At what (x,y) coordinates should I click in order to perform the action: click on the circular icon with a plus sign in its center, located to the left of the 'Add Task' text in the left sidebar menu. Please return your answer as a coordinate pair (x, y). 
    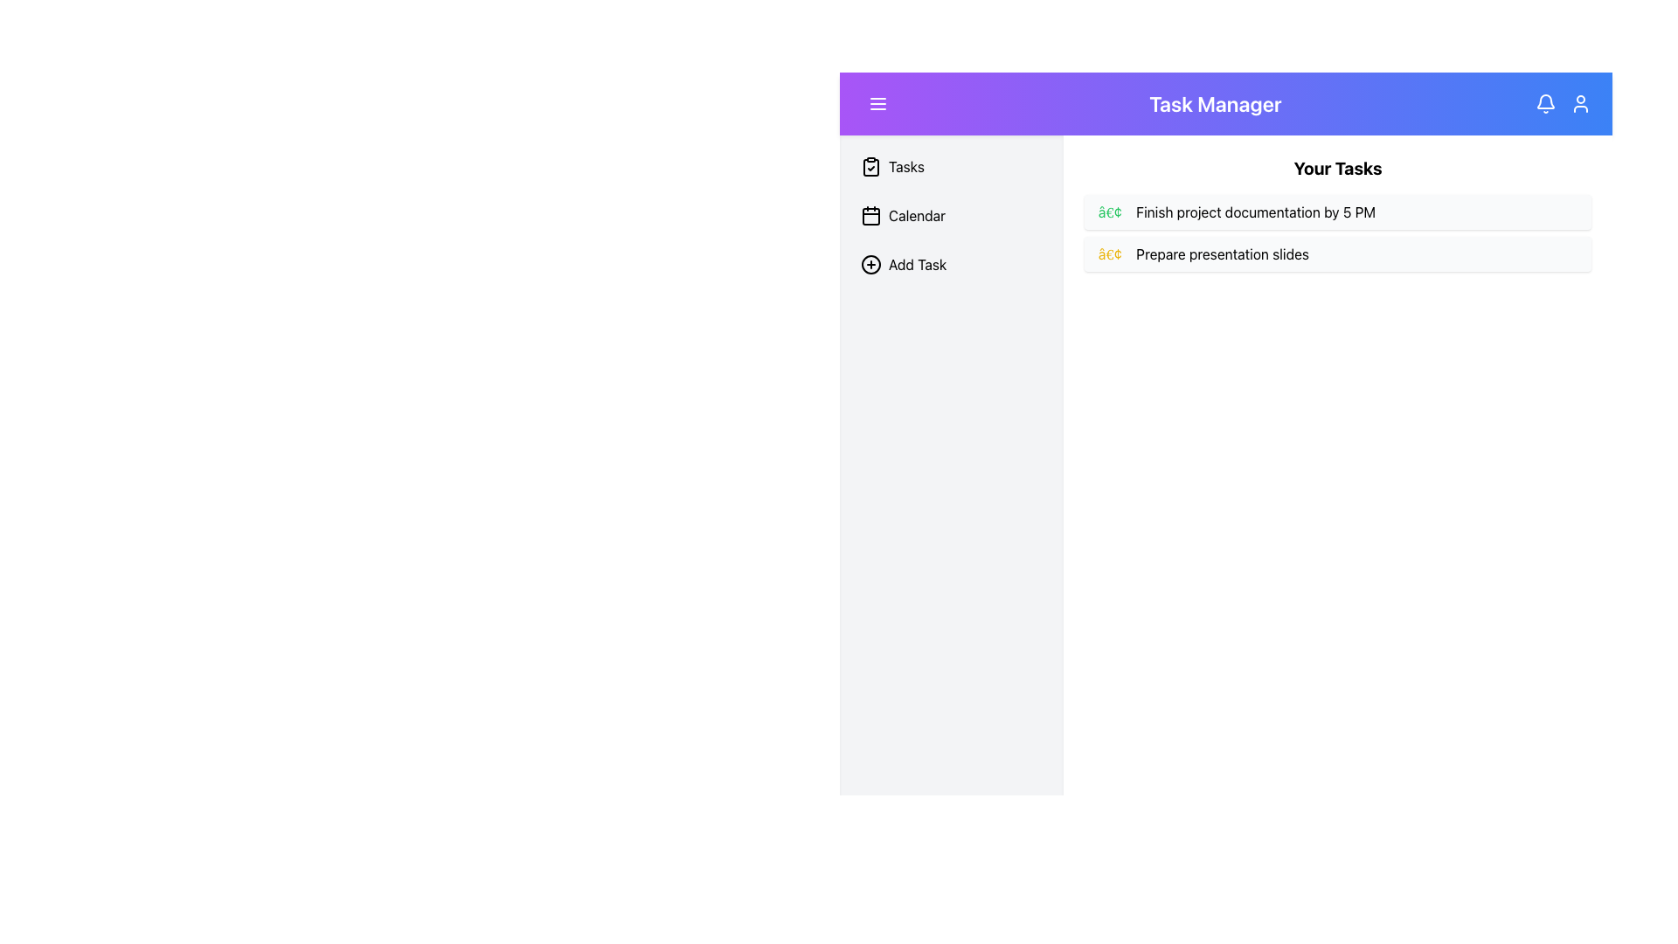
    Looking at the image, I should click on (871, 265).